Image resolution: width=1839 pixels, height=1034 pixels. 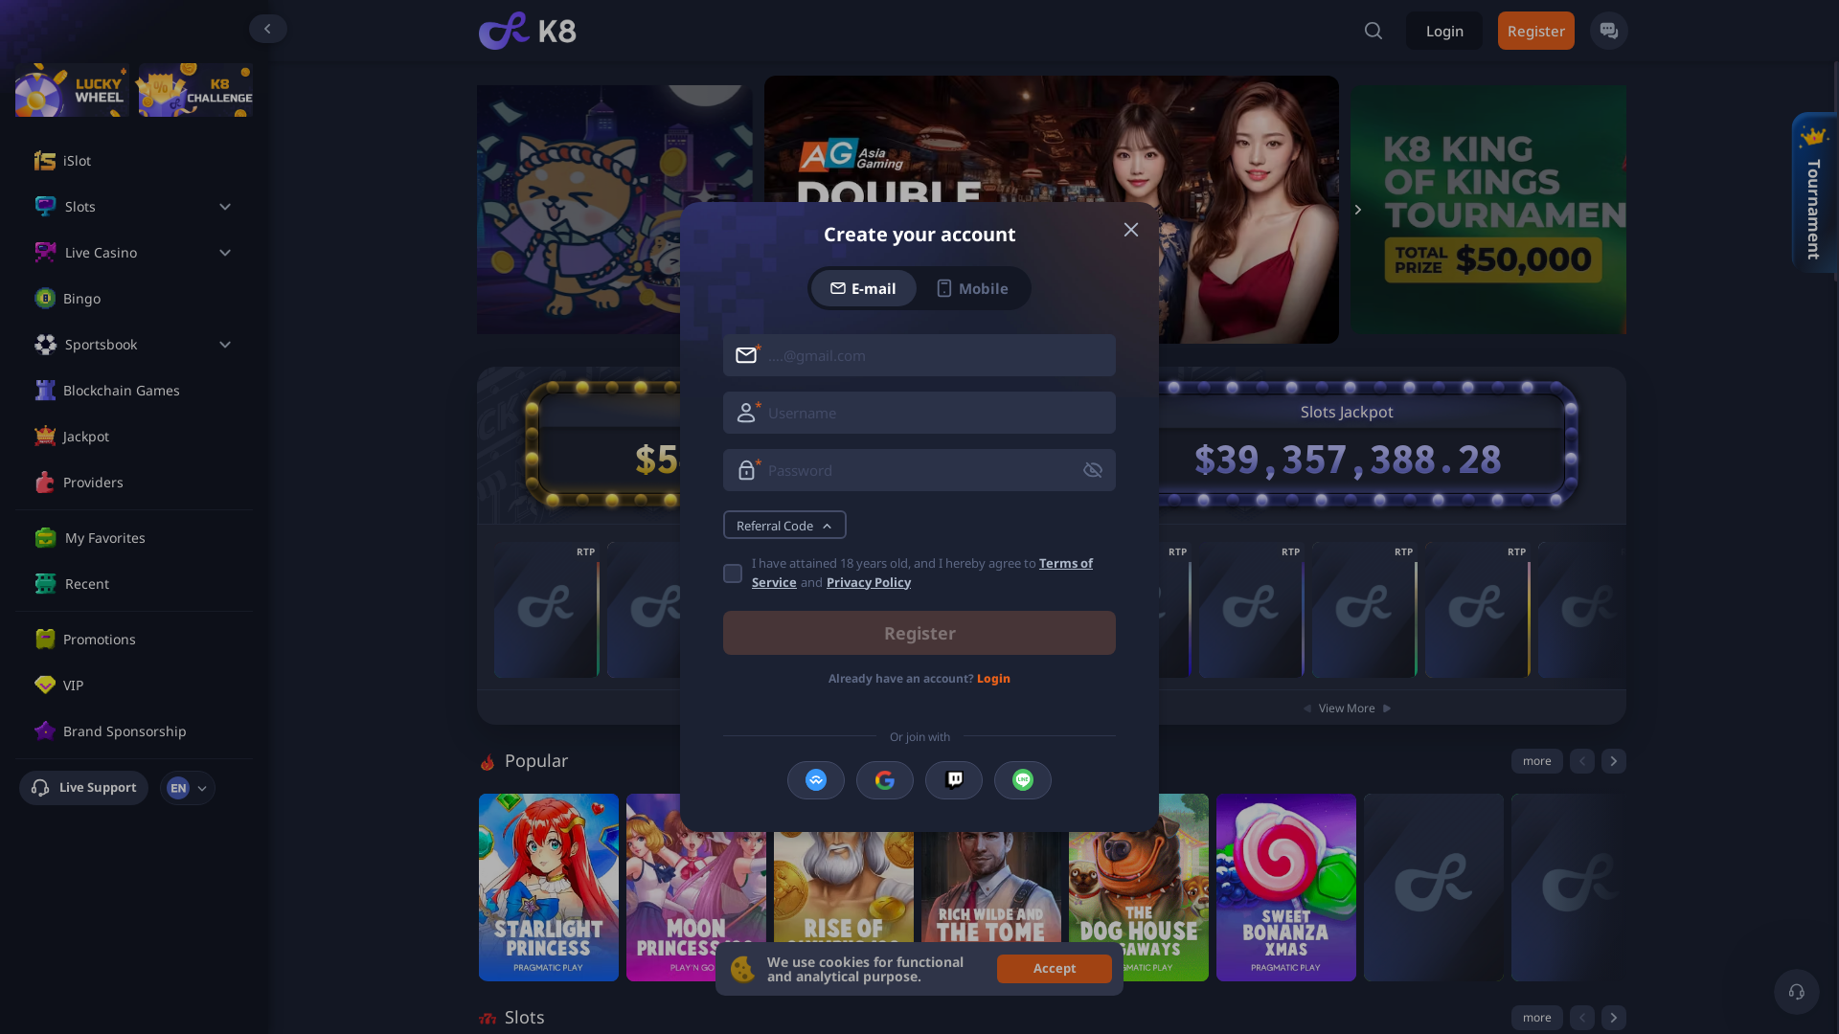 I want to click on 'Rich Wilde and the Tome of Madness', so click(x=991, y=887).